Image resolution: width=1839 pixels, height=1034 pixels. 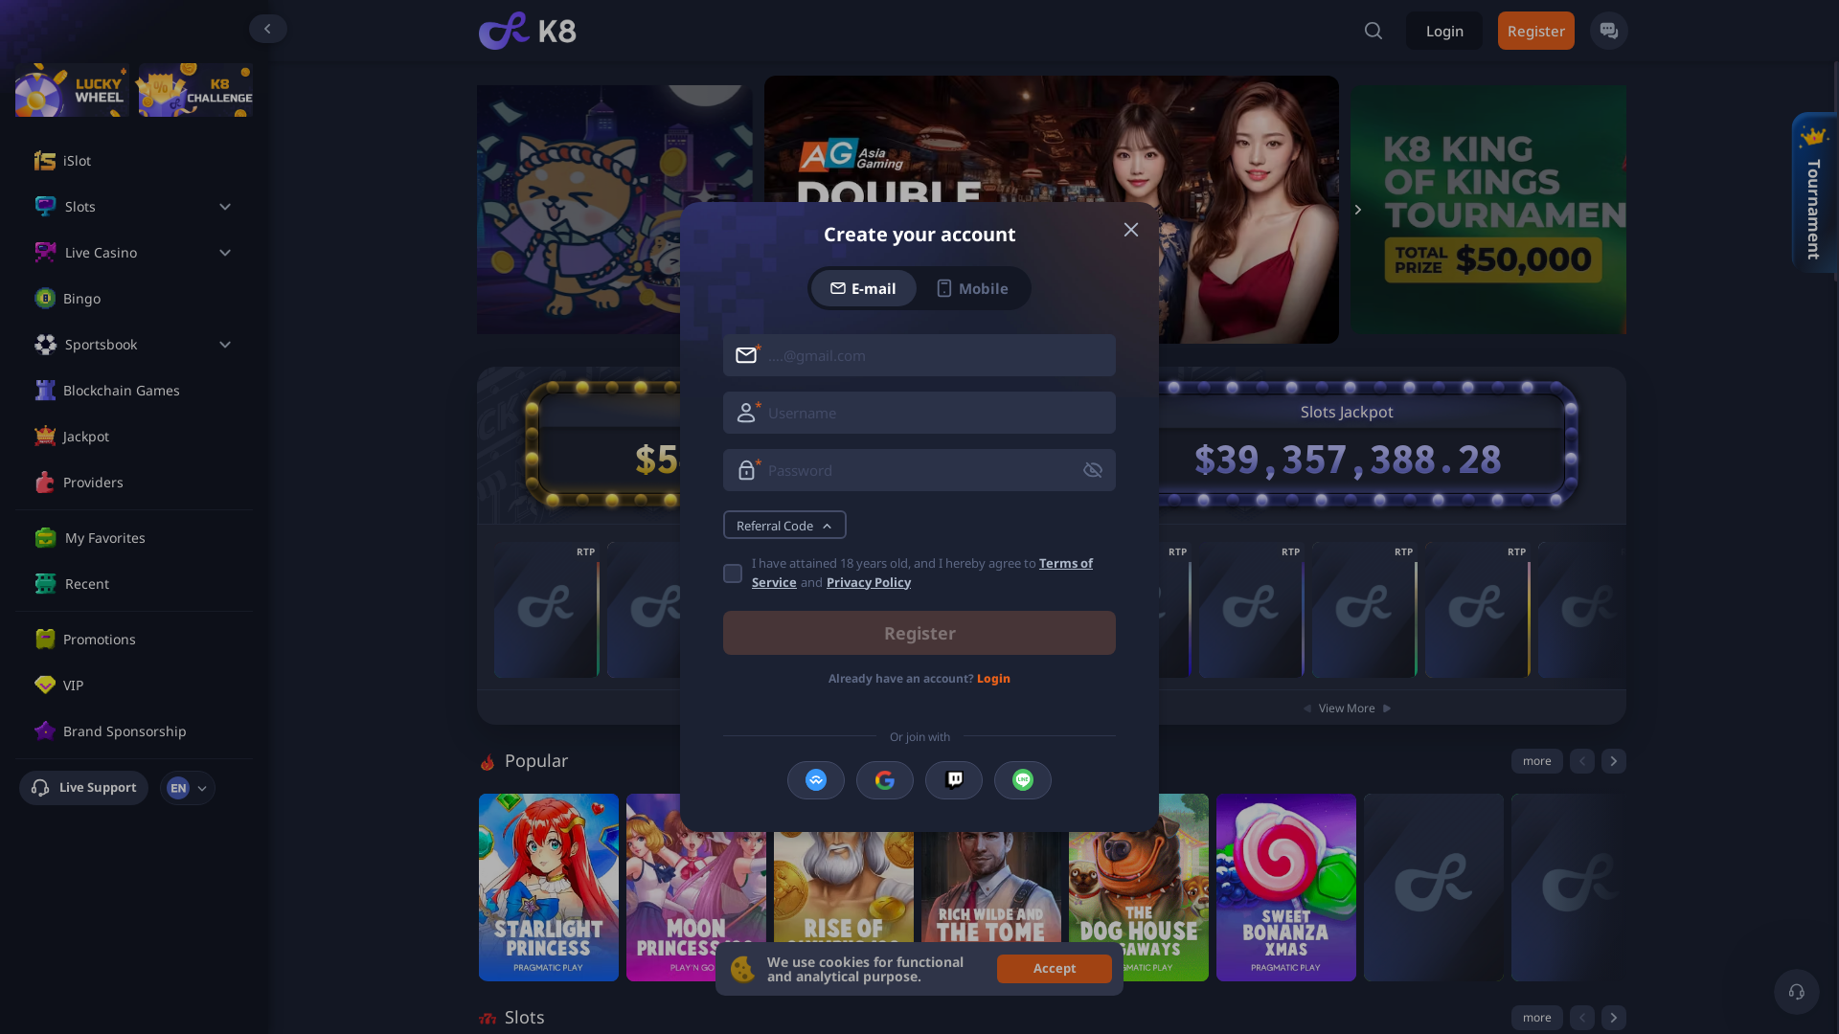 I want to click on 'Rich Wilde and the Tome of Madness', so click(x=991, y=887).